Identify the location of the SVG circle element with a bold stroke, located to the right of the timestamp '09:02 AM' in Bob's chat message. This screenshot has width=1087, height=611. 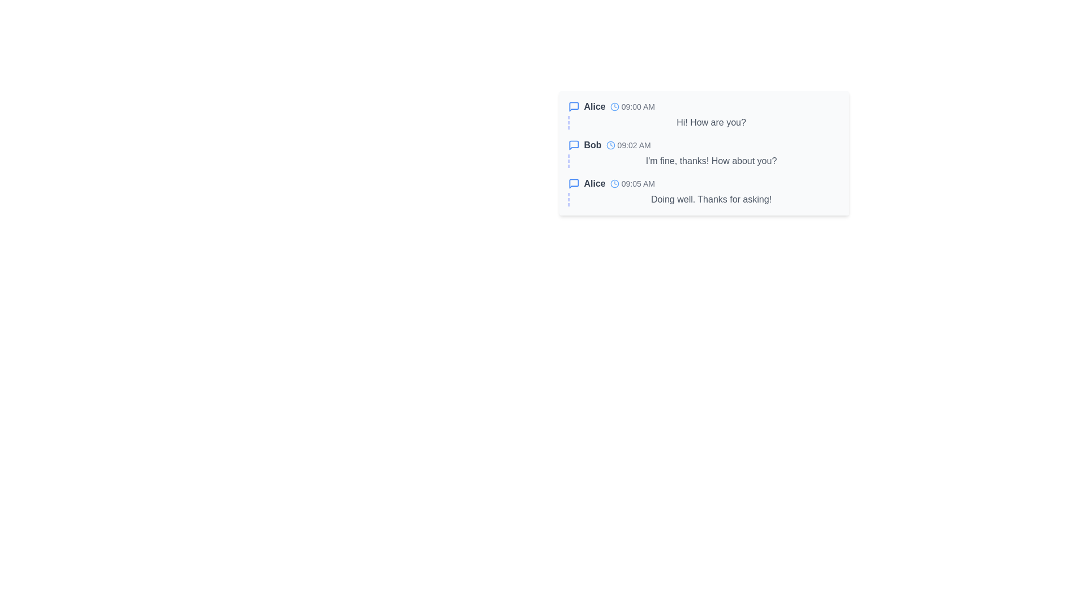
(610, 145).